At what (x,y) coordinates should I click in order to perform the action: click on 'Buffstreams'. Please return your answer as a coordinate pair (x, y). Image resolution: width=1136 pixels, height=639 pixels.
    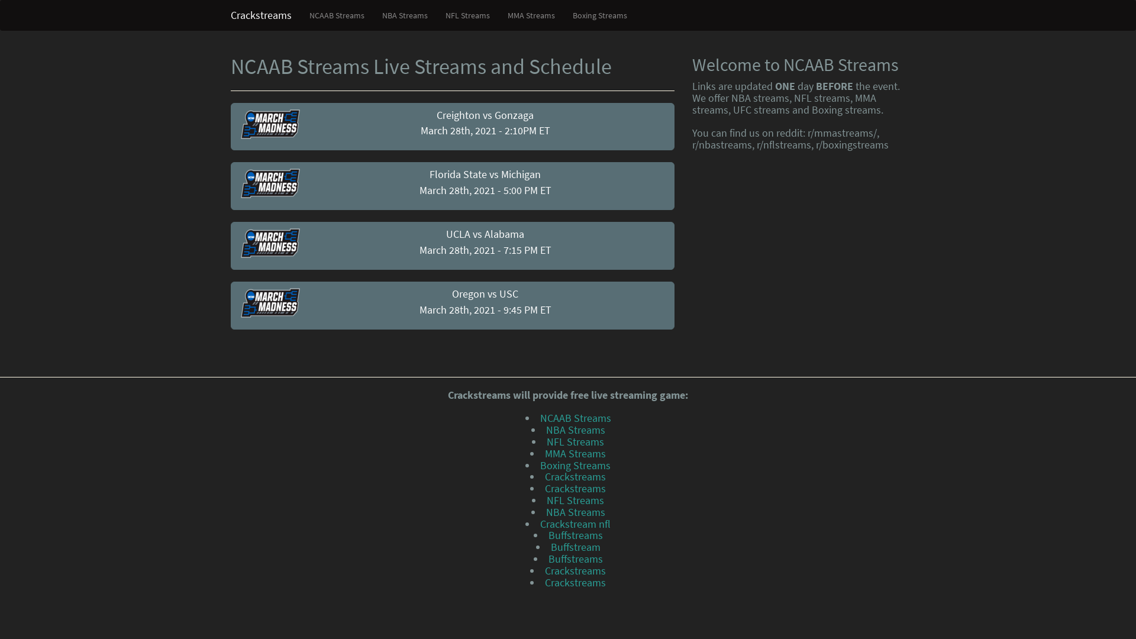
    Looking at the image, I should click on (575, 535).